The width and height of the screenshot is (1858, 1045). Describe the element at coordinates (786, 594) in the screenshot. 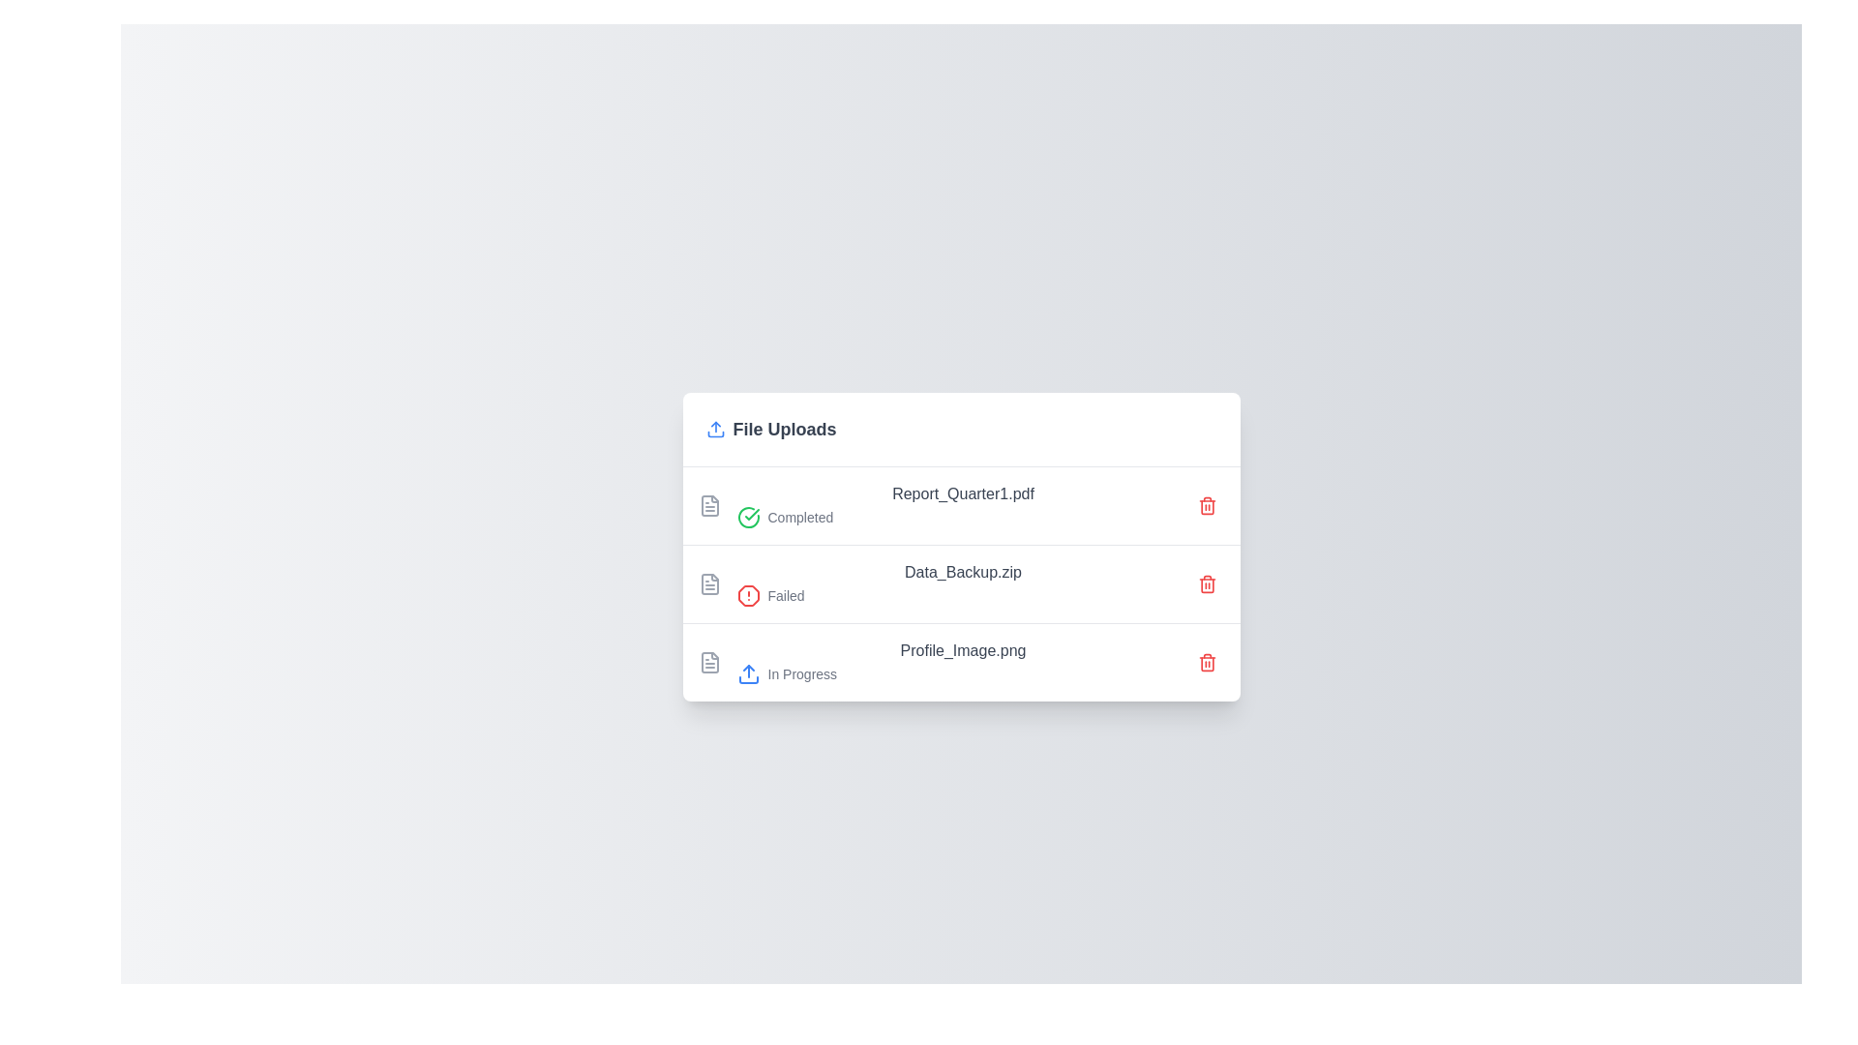

I see `the status indicator text label that conveys the 'Failed' state, located in the second row of the table, next to the filename 'Data_Backup.zip'` at that location.